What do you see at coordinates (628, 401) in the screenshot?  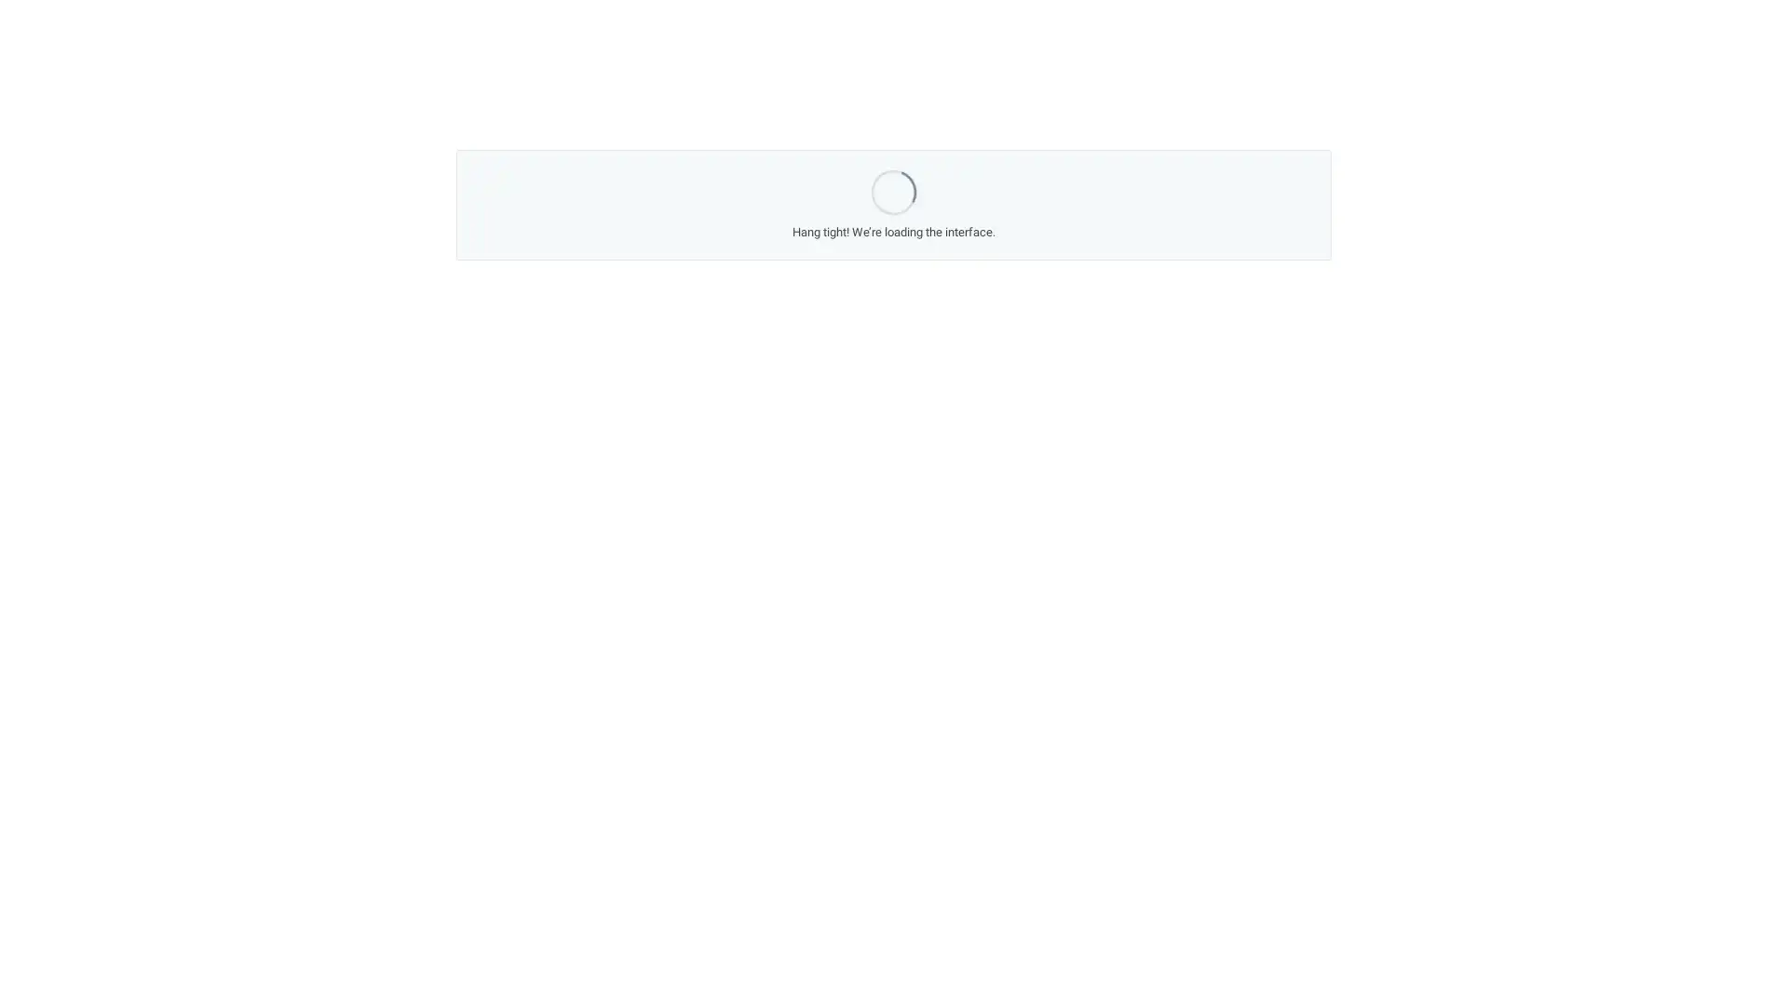 I see `Get Login Link` at bounding box center [628, 401].